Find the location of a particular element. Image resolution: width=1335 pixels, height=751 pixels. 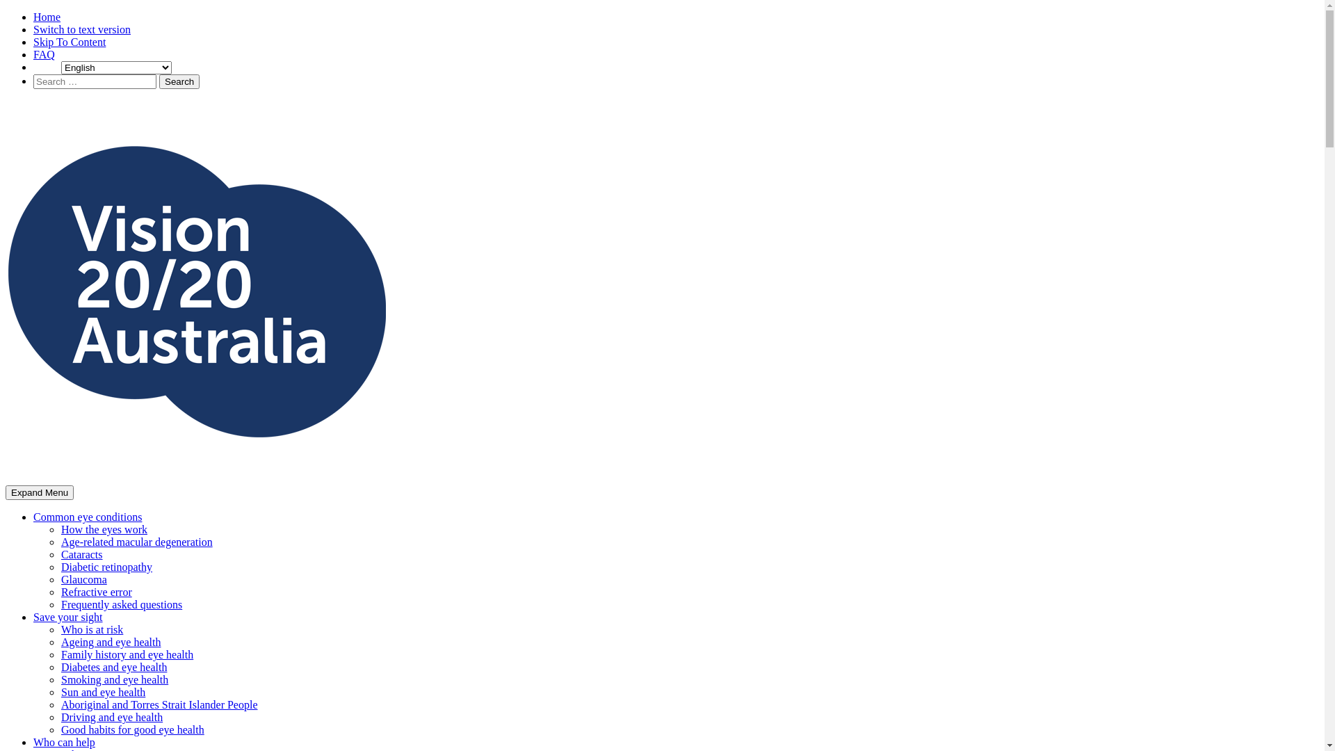

'Driving and eye health' is located at coordinates (112, 717).